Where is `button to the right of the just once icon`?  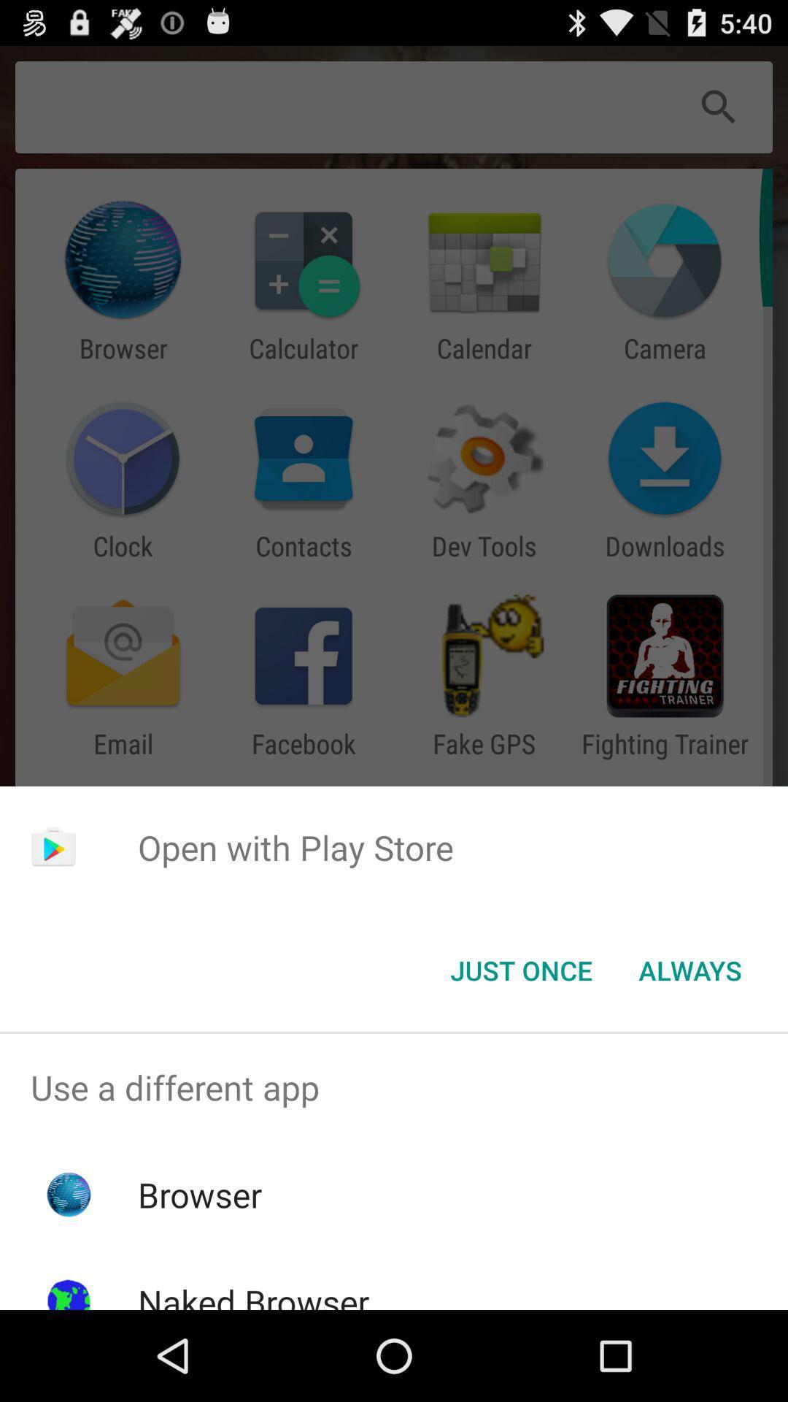
button to the right of the just once icon is located at coordinates (689, 970).